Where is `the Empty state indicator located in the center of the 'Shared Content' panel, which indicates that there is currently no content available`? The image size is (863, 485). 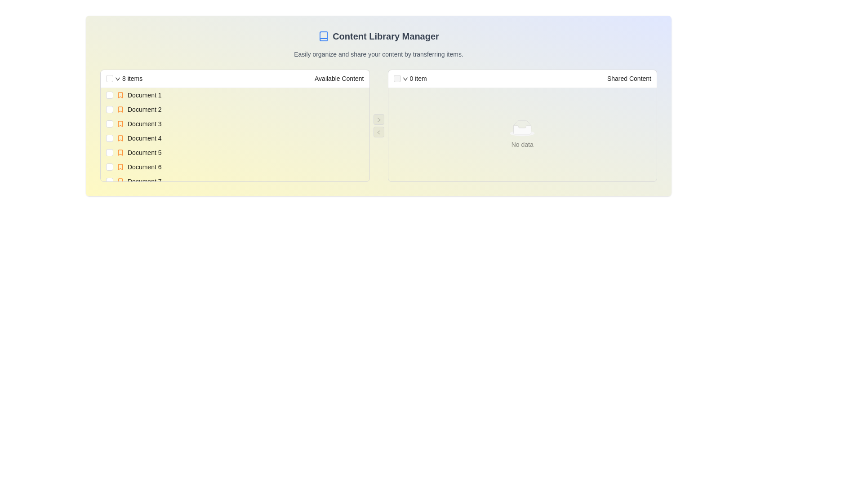
the Empty state indicator located in the center of the 'Shared Content' panel, which indicates that there is currently no content available is located at coordinates (522, 135).